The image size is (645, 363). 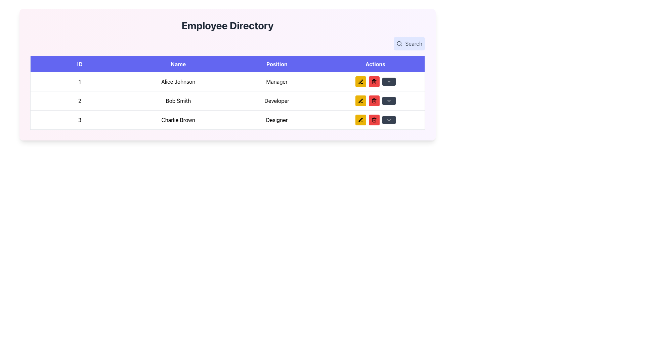 What do you see at coordinates (80, 81) in the screenshot?
I see `the text element displaying the number '1' under the 'ID' column in the table by clicking on its center point` at bounding box center [80, 81].